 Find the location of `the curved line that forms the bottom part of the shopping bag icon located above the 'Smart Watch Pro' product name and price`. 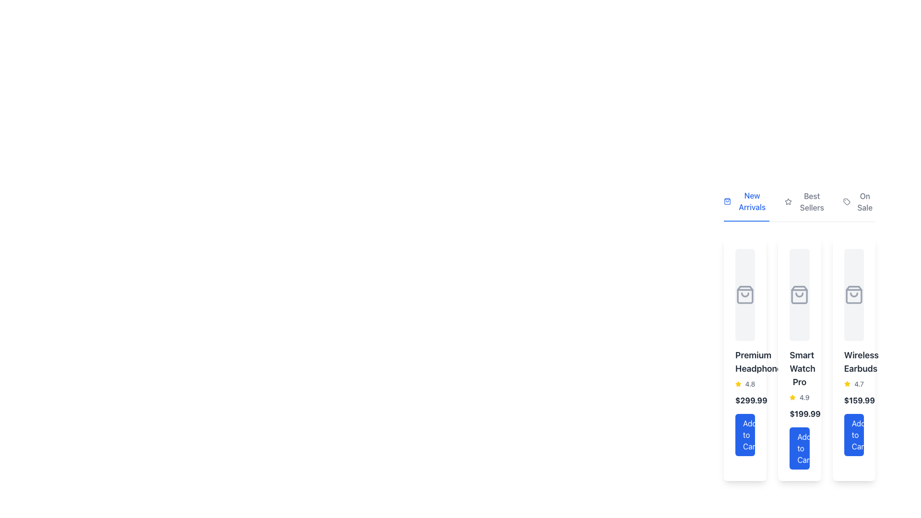

the curved line that forms the bottom part of the shopping bag icon located above the 'Smart Watch Pro' product name and price is located at coordinates (799, 294).